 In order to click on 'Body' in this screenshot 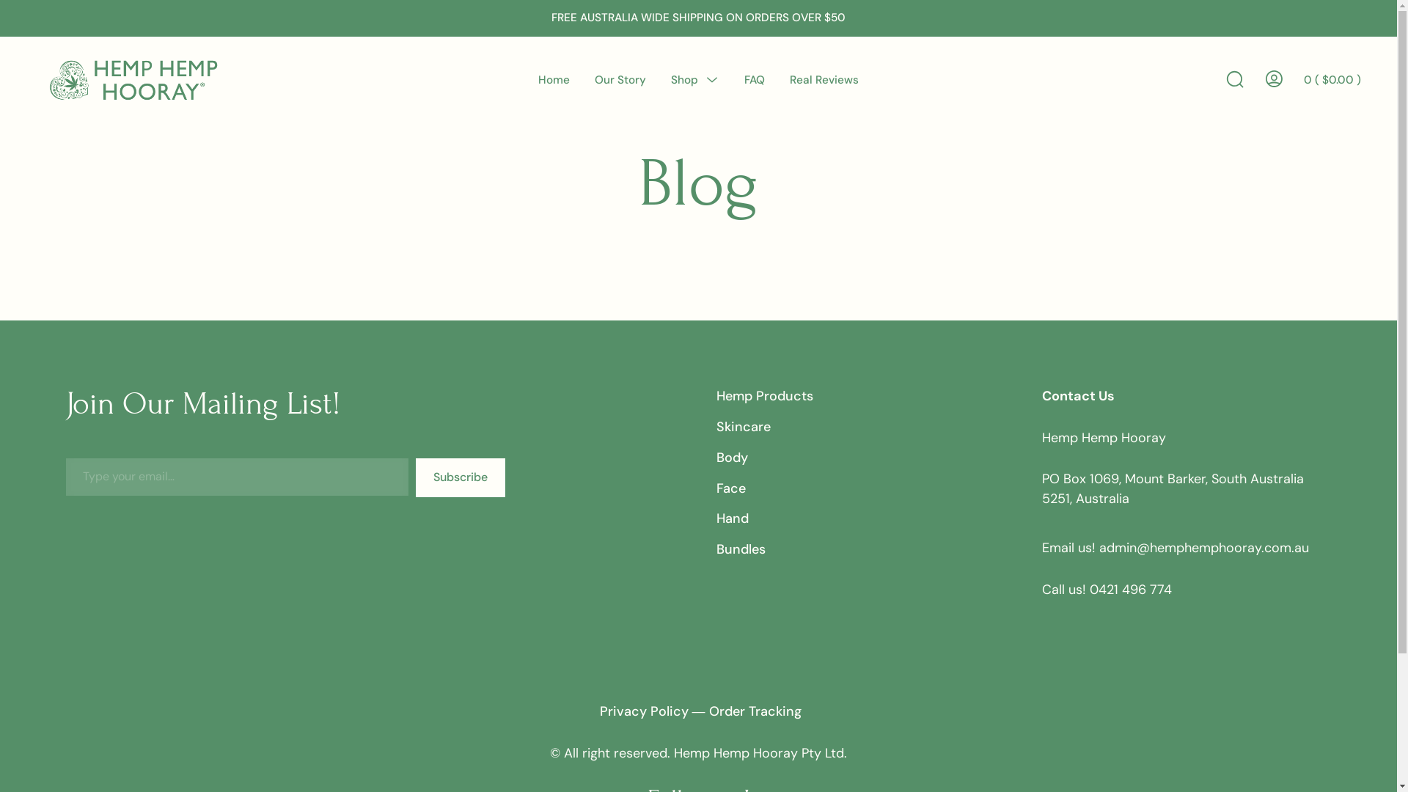, I will do `click(732, 457)`.